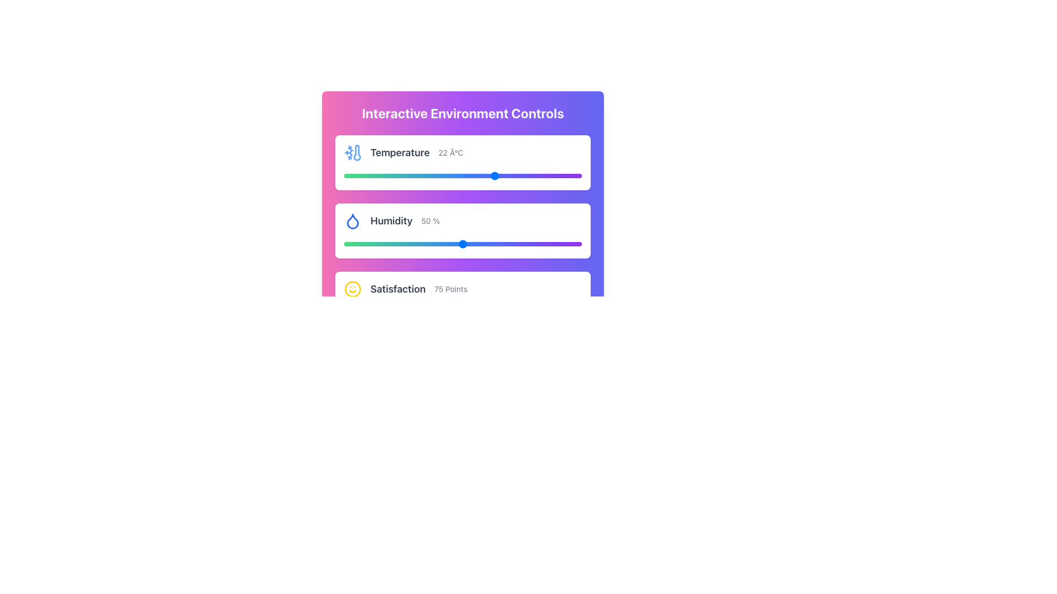 Image resolution: width=1057 pixels, height=594 pixels. What do you see at coordinates (356, 243) in the screenshot?
I see `humidity` at bounding box center [356, 243].